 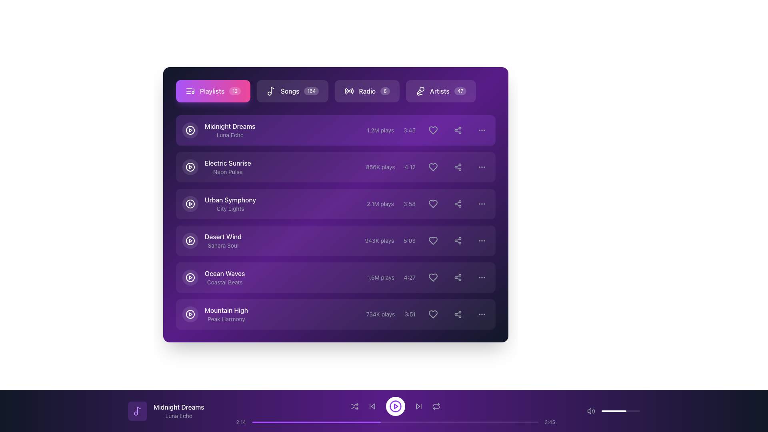 I want to click on the 'like' button for the song 'Mountain High' located at the bottommost row of the playlist, positioned at the far right side next to the share icon, so click(x=433, y=314).